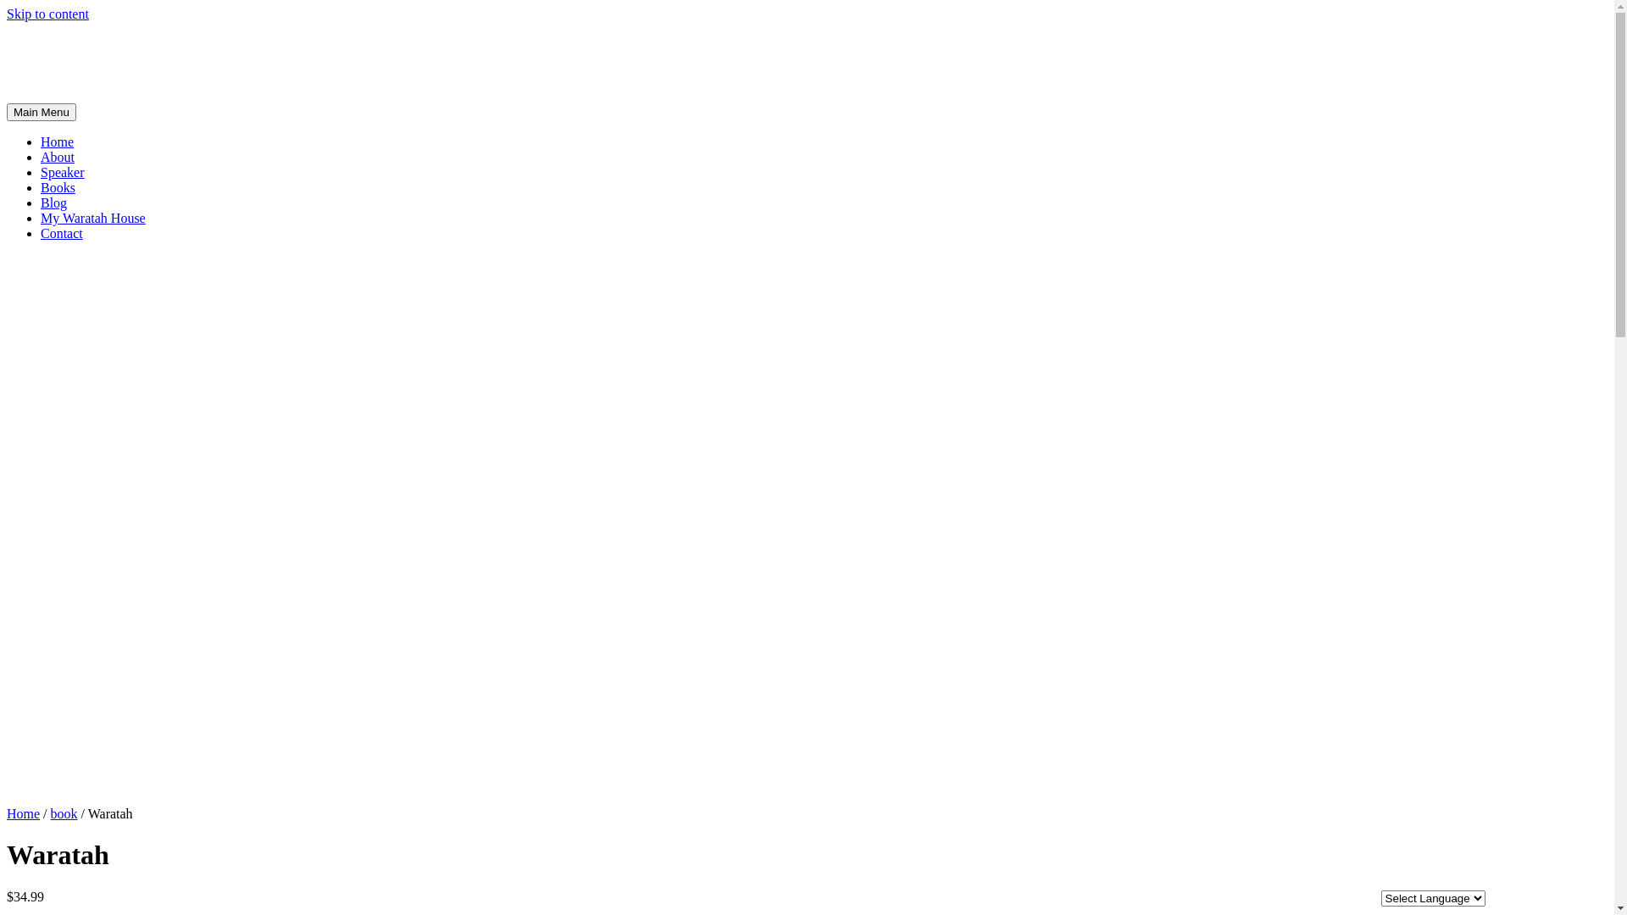  Describe the element at coordinates (47, 14) in the screenshot. I see `'Skip to content'` at that location.